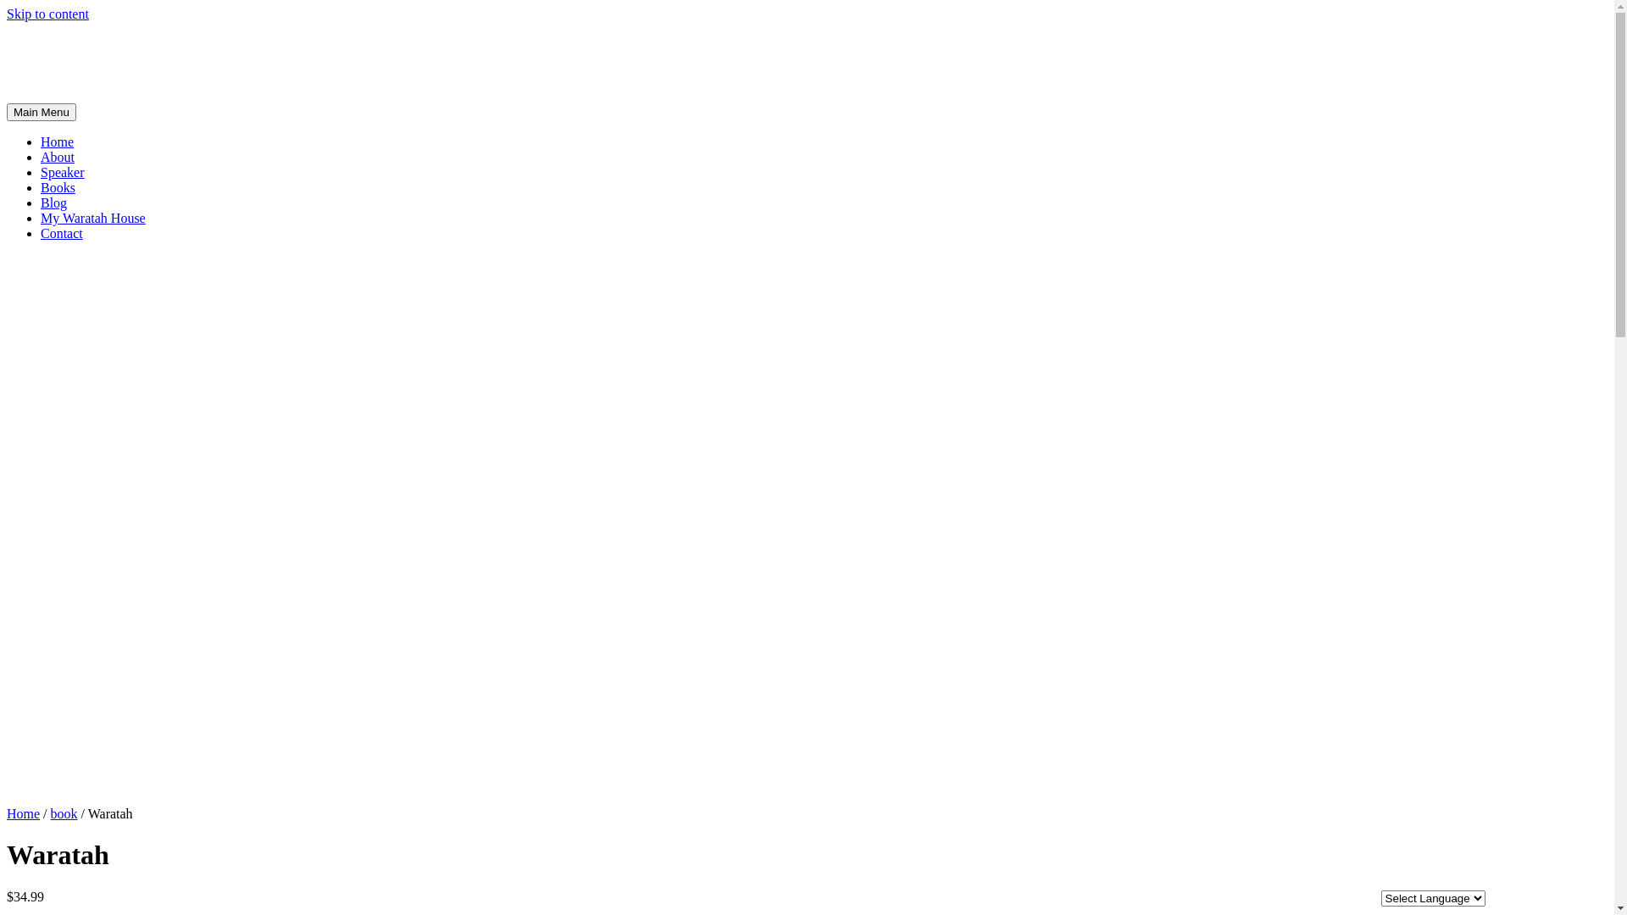  Describe the element at coordinates (47, 14) in the screenshot. I see `'Skip to content'` at that location.